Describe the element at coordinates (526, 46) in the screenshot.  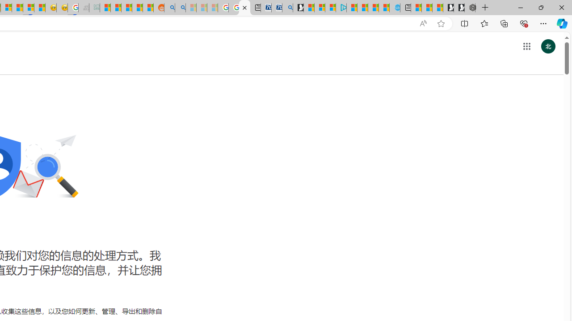
I see `'Class: gb_E'` at that location.